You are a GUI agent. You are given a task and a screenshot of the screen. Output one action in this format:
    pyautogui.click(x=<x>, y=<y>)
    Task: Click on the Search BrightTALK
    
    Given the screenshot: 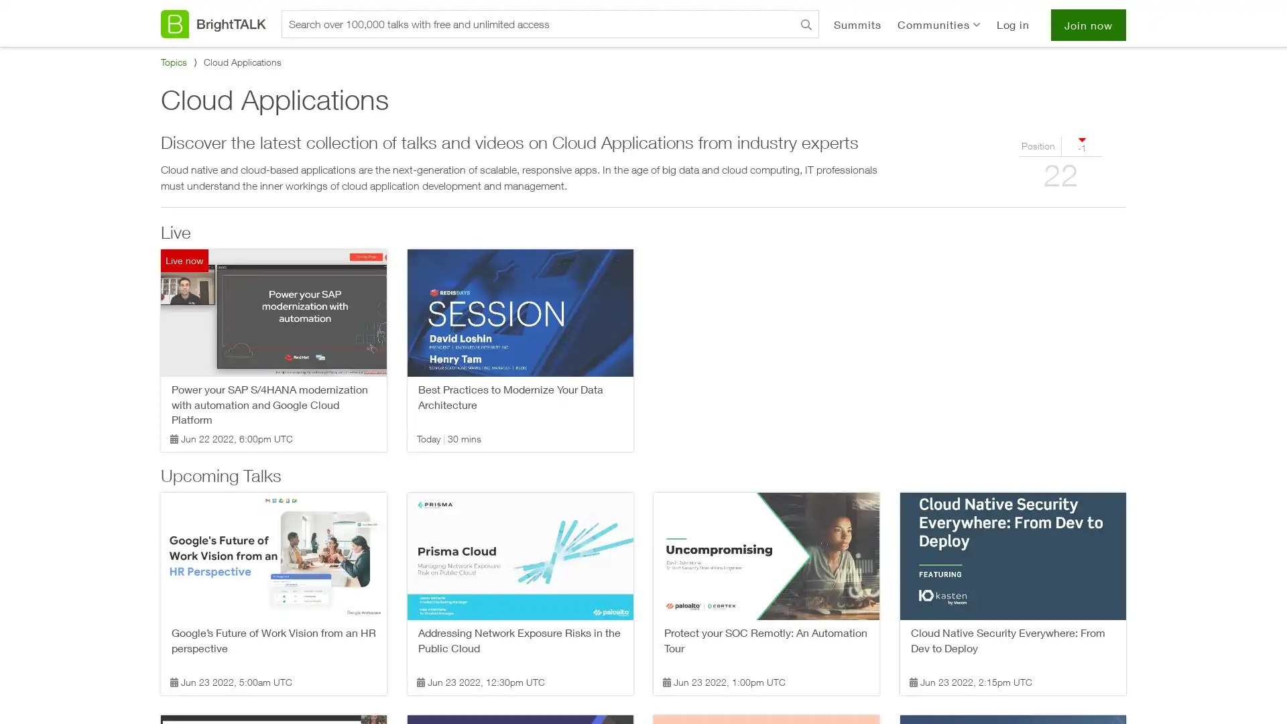 What is the action you would take?
    pyautogui.click(x=806, y=25)
    